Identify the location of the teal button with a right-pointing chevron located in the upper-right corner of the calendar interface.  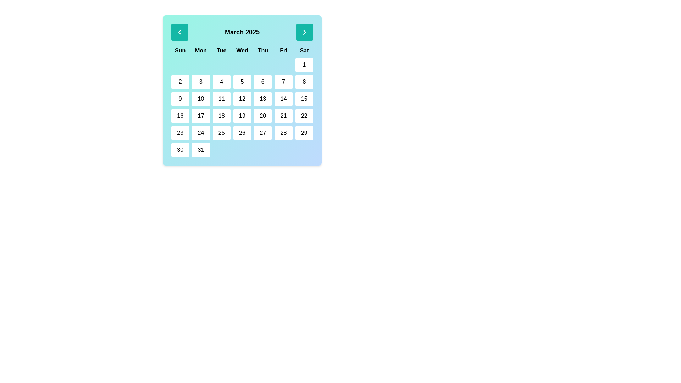
(305, 32).